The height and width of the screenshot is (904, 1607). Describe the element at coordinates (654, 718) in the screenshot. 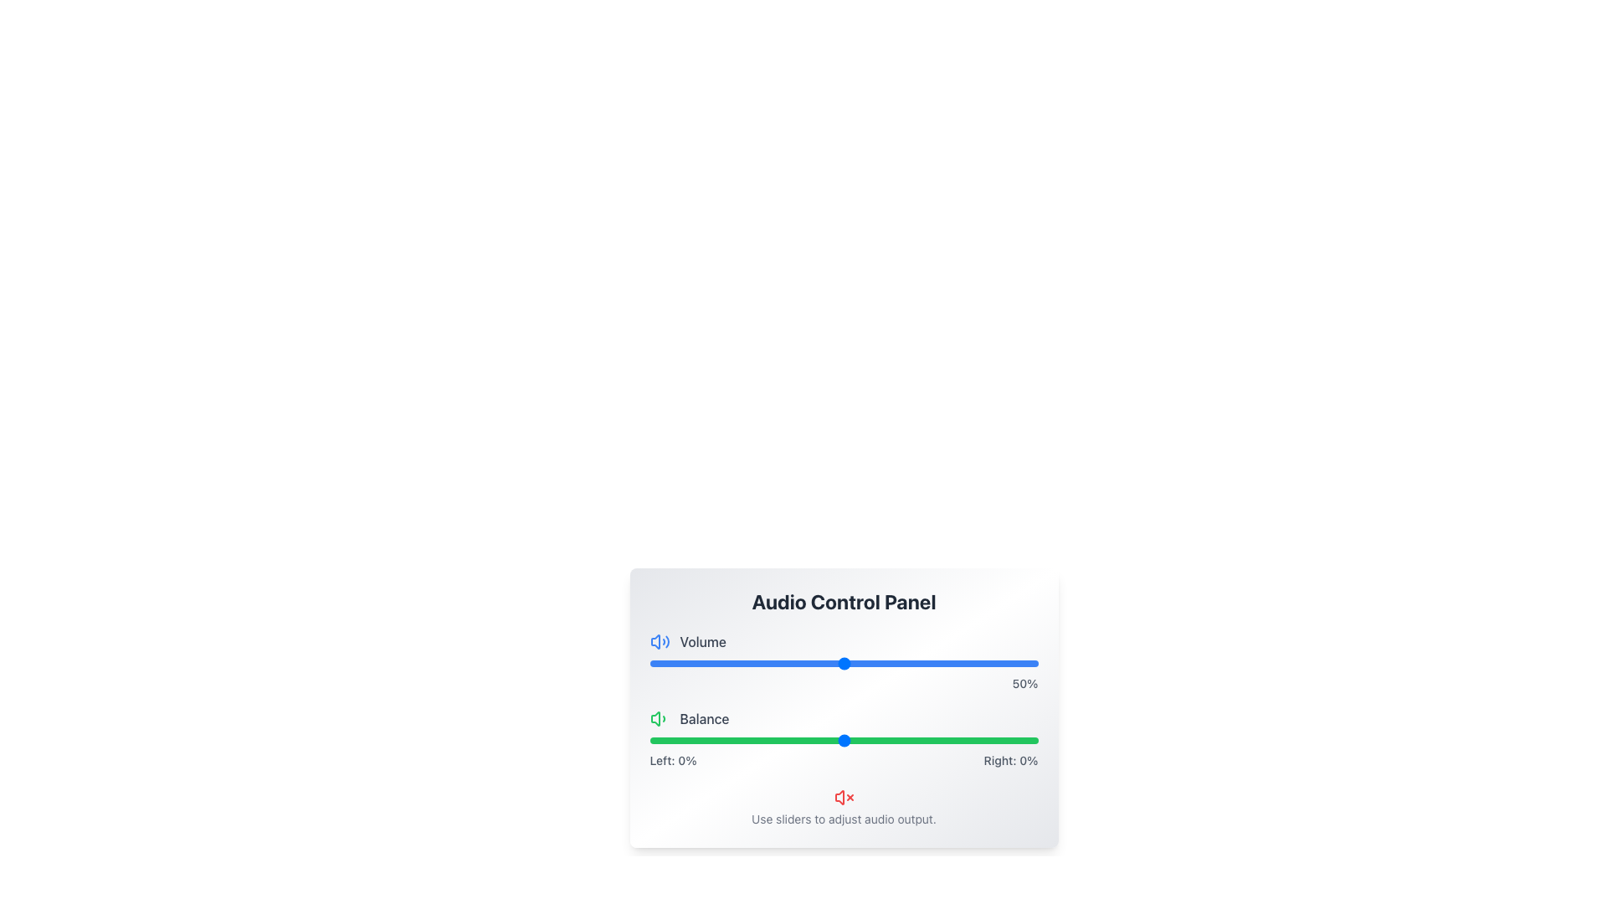

I see `the visual feedback of the speaker icon's main body, which is a trapezoidal green shape located within the 'Balance' section of the audio control panel, adjacent to the text 'Balance'` at that location.